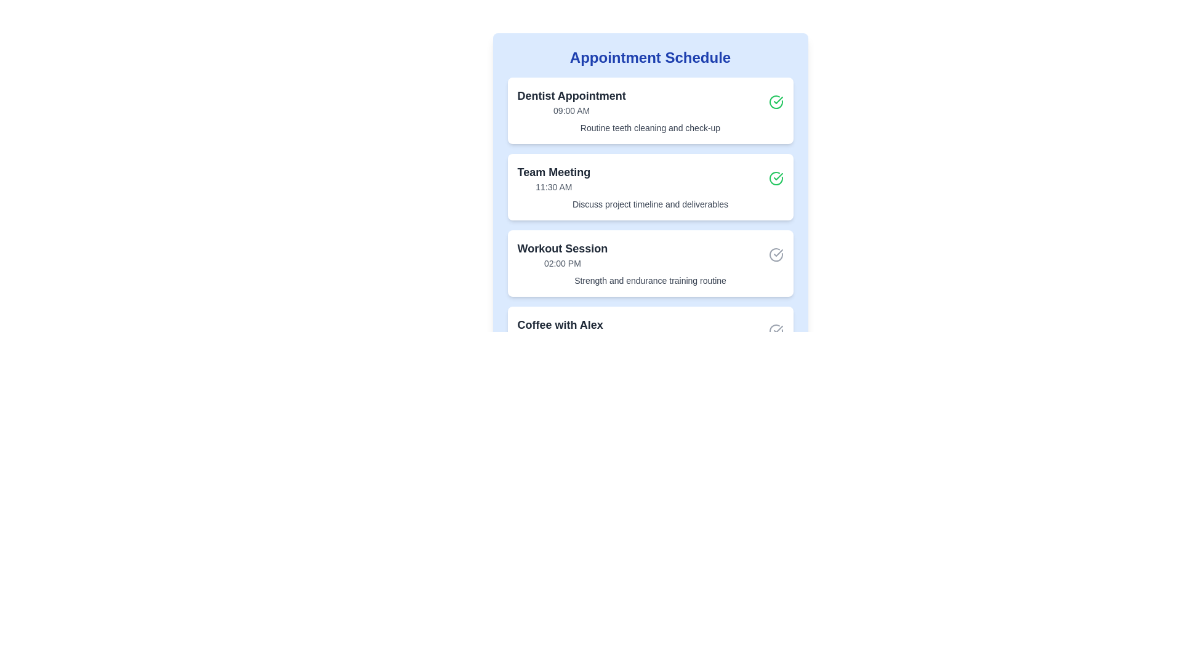 This screenshot has width=1182, height=665. What do you see at coordinates (553, 187) in the screenshot?
I see `the text label displaying '11:30 AM' which is located below the 'Team Meeting' title in the second card of a vertical list layout` at bounding box center [553, 187].